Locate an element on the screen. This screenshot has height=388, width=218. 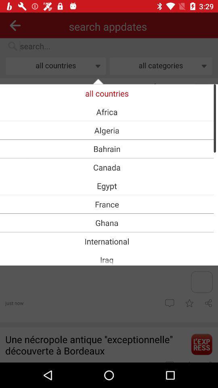
the icon above the egypt icon is located at coordinates (107, 167).